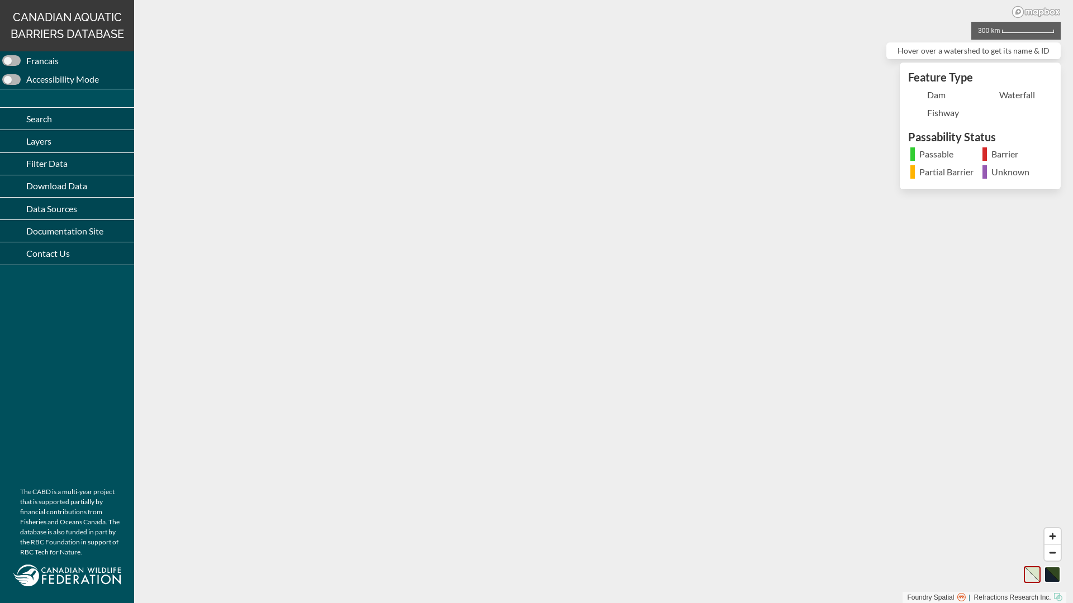  What do you see at coordinates (1046, 76) in the screenshot?
I see `'Minimize map legend'` at bounding box center [1046, 76].